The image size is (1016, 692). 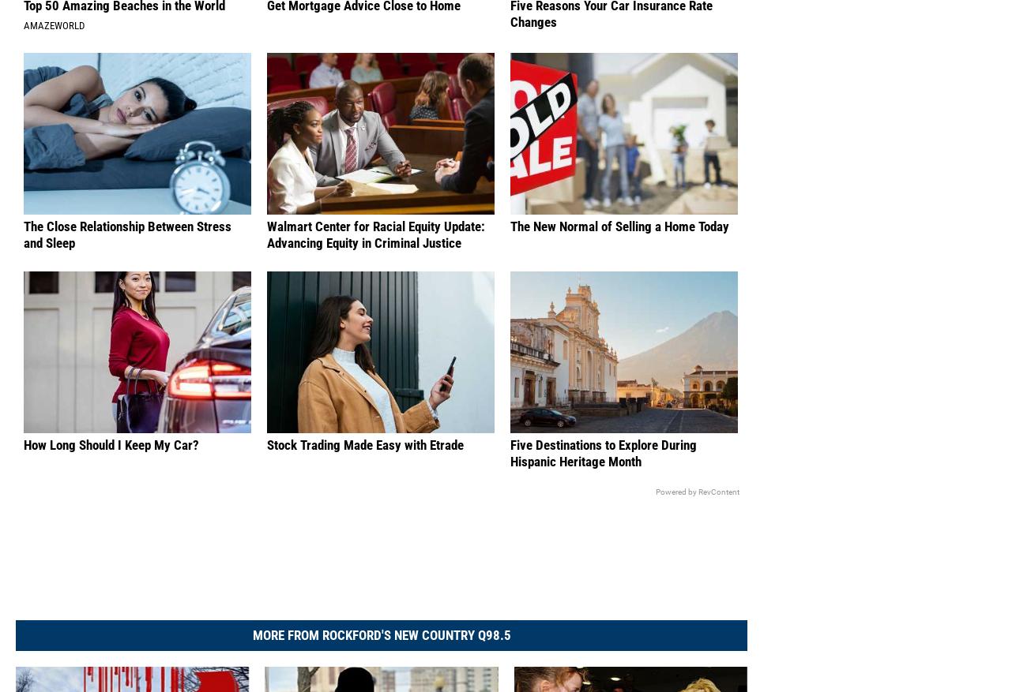 I want to click on 'The Close Relationship Between Stress and Sleep', so click(x=127, y=251).